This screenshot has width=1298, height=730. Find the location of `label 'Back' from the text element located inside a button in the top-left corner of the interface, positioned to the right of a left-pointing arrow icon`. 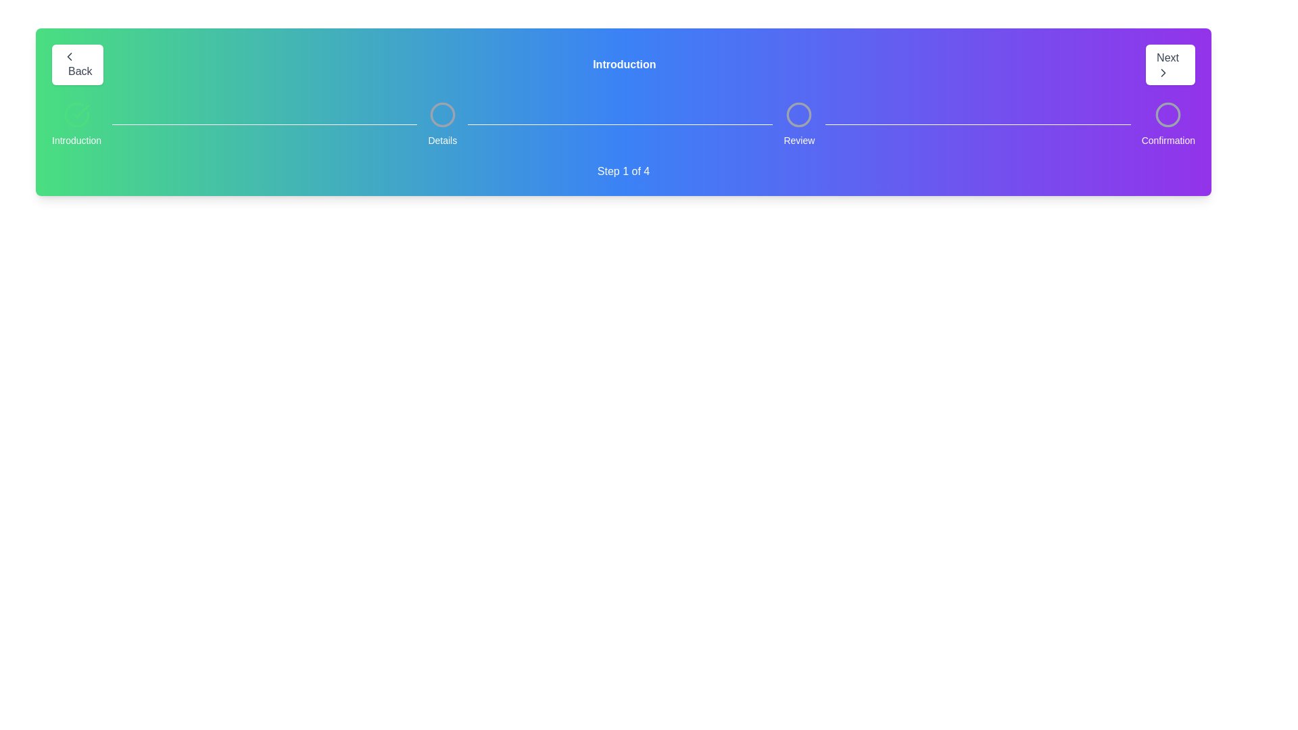

label 'Back' from the text element located inside a button in the top-left corner of the interface, positioned to the right of a left-pointing arrow icon is located at coordinates (79, 71).